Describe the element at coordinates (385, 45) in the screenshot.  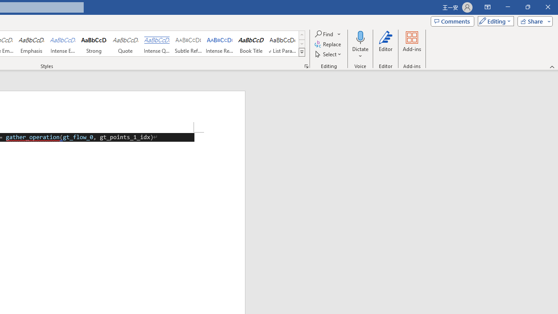
I see `'Editor'` at that location.